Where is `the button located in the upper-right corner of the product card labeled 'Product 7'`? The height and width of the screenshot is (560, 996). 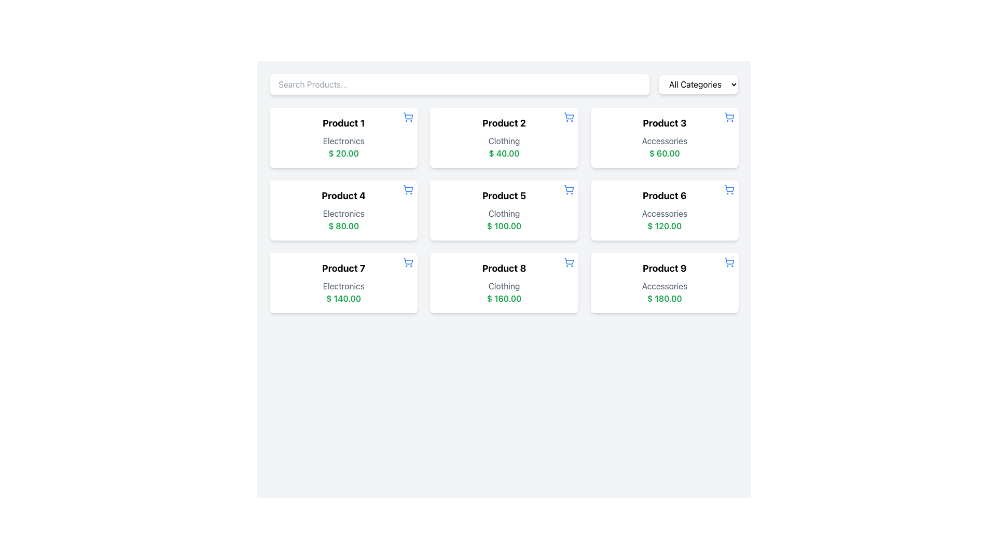
the button located in the upper-right corner of the product card labeled 'Product 7' is located at coordinates (408, 261).